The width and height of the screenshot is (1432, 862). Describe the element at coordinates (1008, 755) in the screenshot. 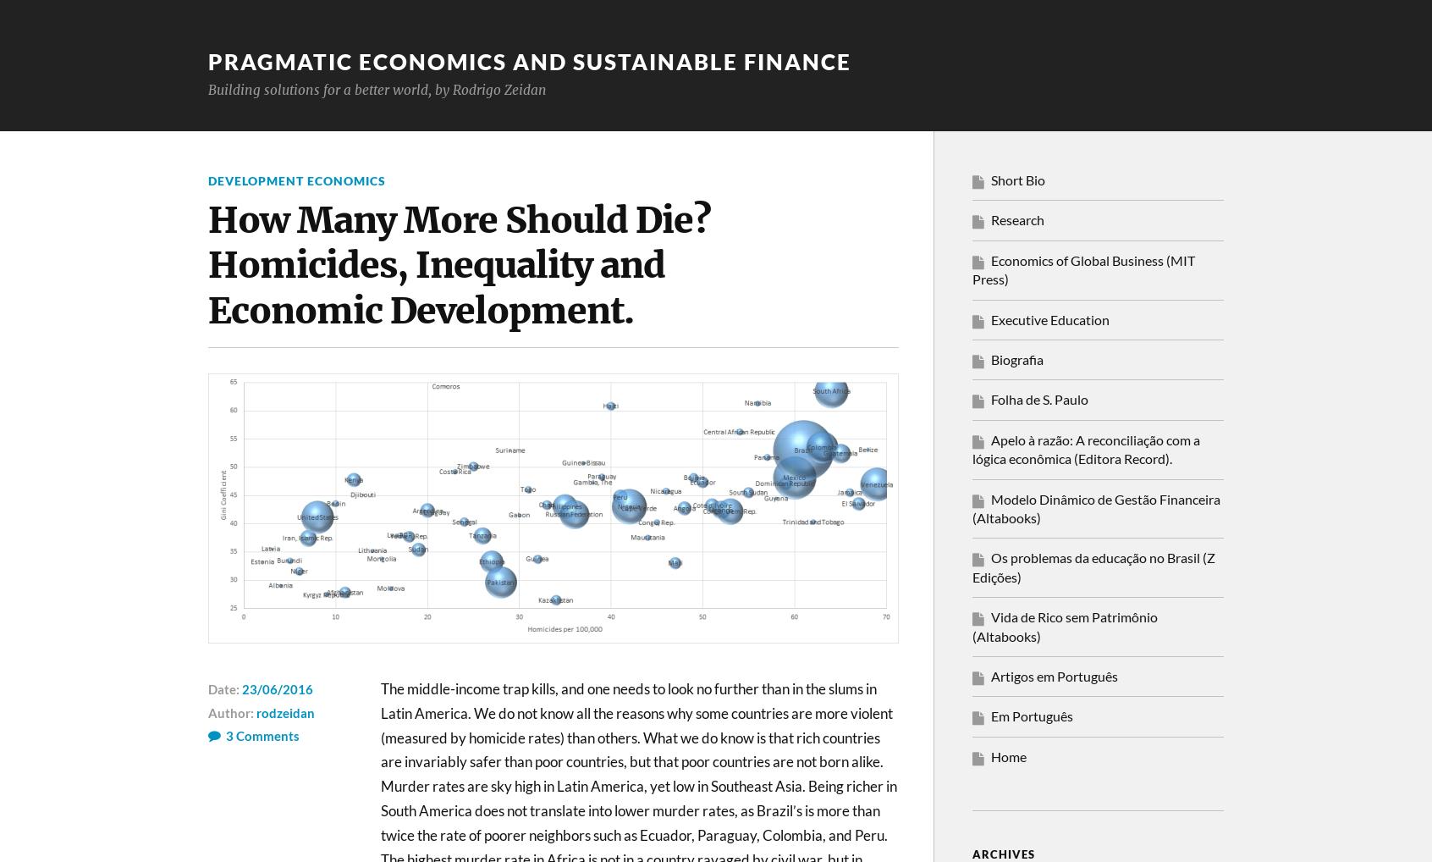

I see `'Home'` at that location.